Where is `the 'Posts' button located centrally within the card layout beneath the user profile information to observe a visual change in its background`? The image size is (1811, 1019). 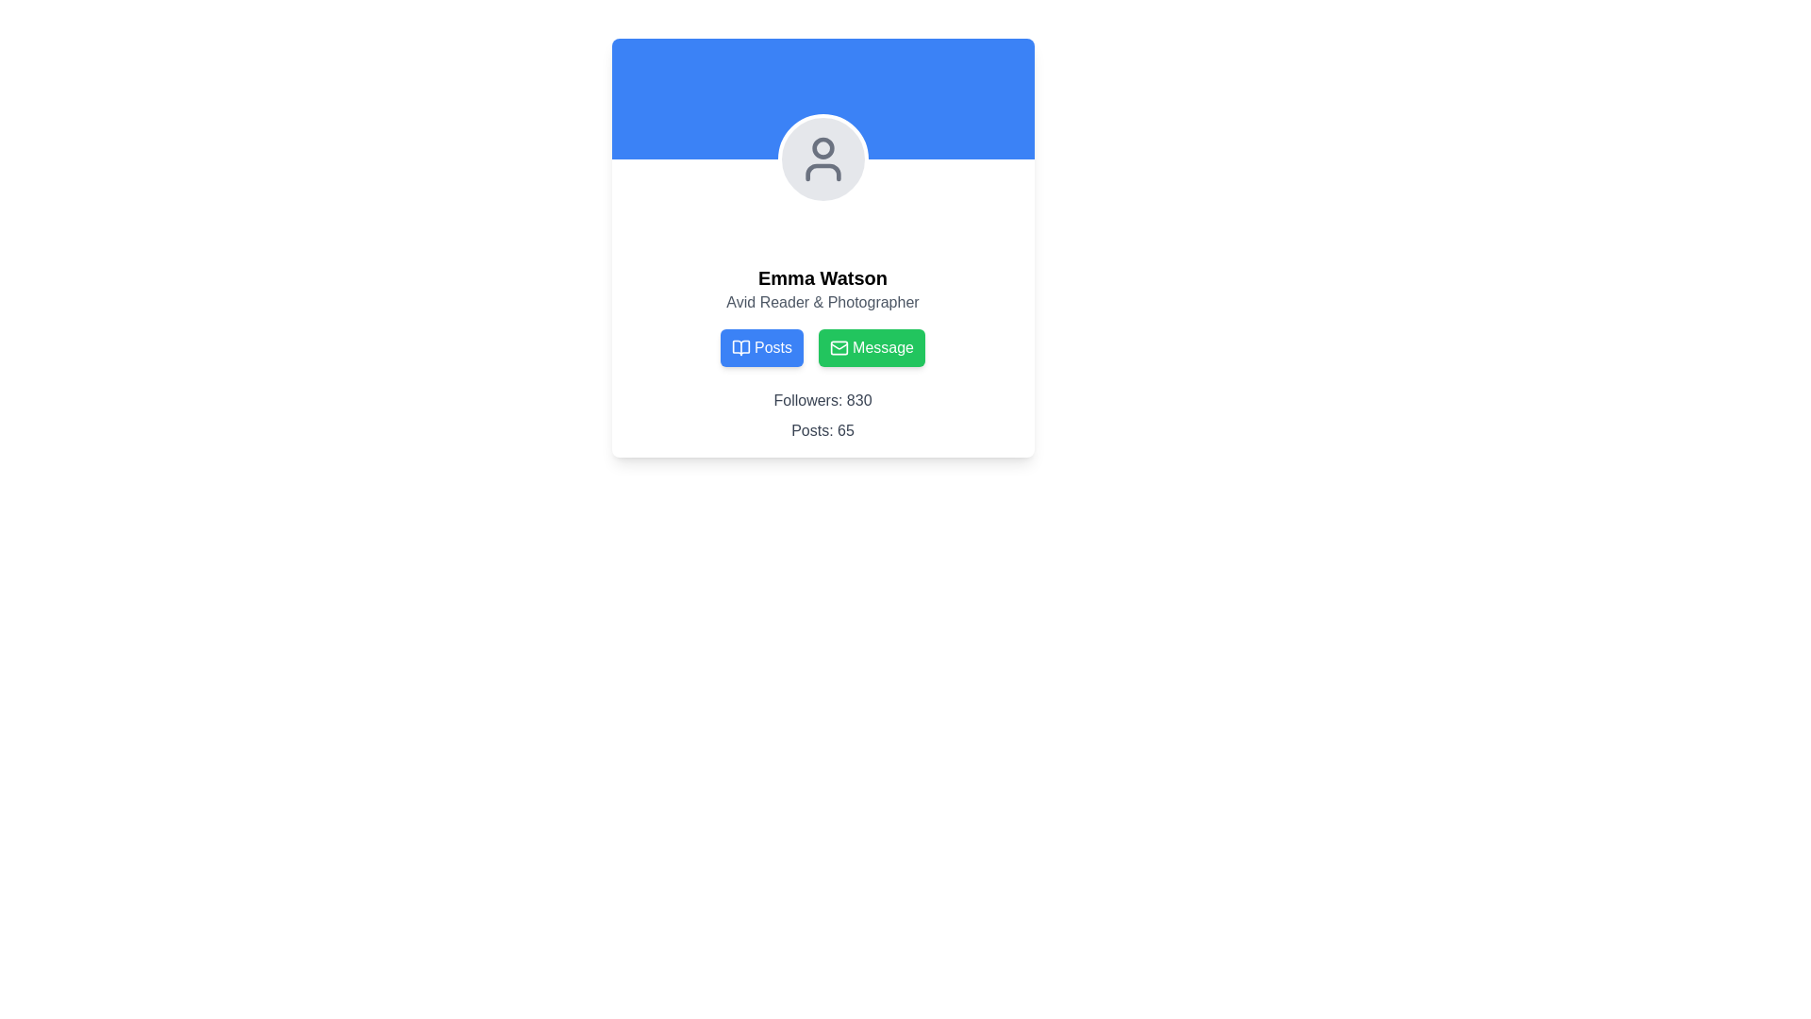
the 'Posts' button located centrally within the card layout beneath the user profile information to observe a visual change in its background is located at coordinates (762, 348).